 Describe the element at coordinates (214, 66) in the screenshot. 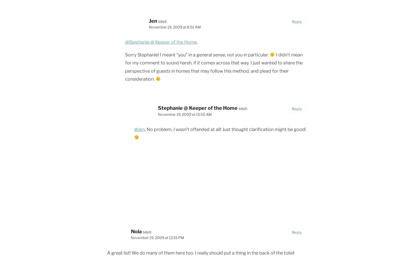

I see `'I didn’t mean for my comment to sound harsh, if it comes across that way.  I just wanted to share the perspective of guests in homes that may follow this method, and plead for their consideration.'` at that location.